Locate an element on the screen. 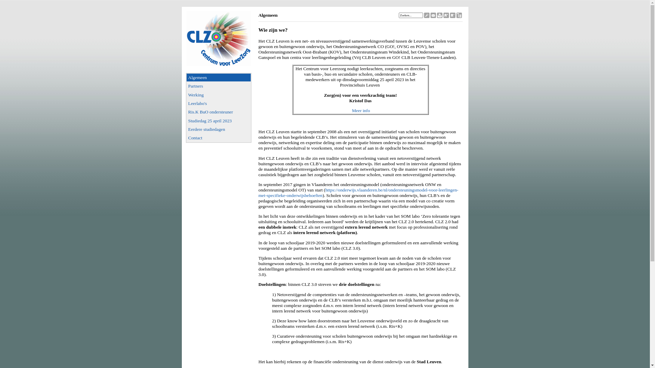 This screenshot has height=368, width=655. 'SiteMap' is located at coordinates (459, 16).